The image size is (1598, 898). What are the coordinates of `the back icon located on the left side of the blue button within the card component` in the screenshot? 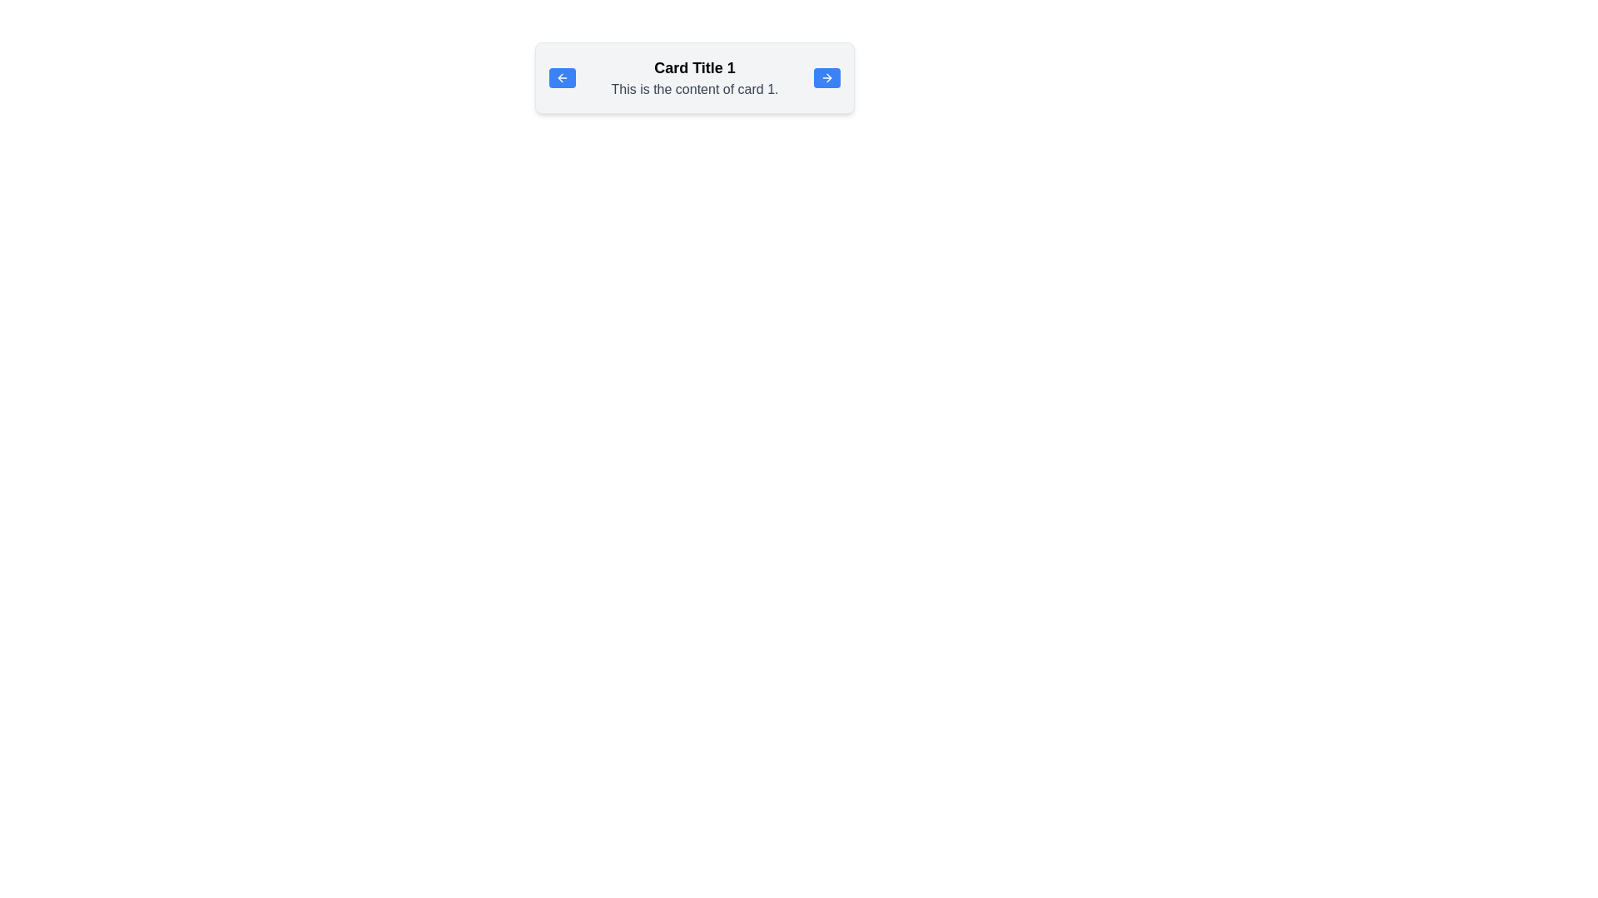 It's located at (563, 77).